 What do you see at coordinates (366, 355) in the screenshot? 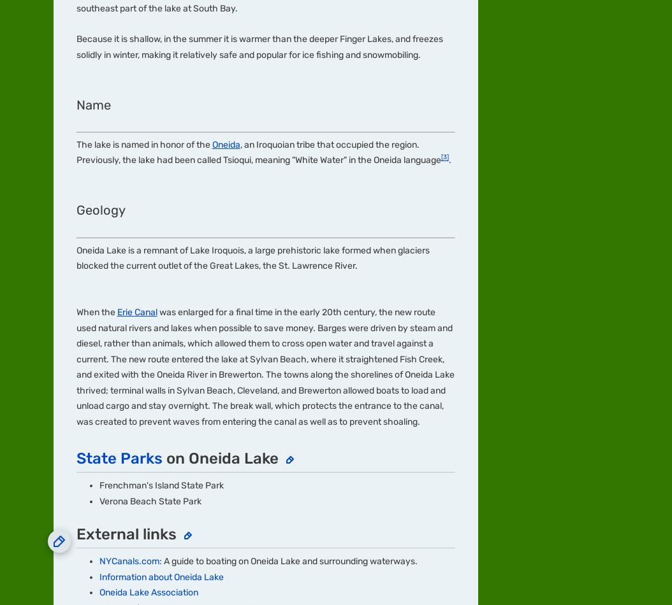
I see `'Do Not Sell or Share My Personal Information'` at bounding box center [366, 355].